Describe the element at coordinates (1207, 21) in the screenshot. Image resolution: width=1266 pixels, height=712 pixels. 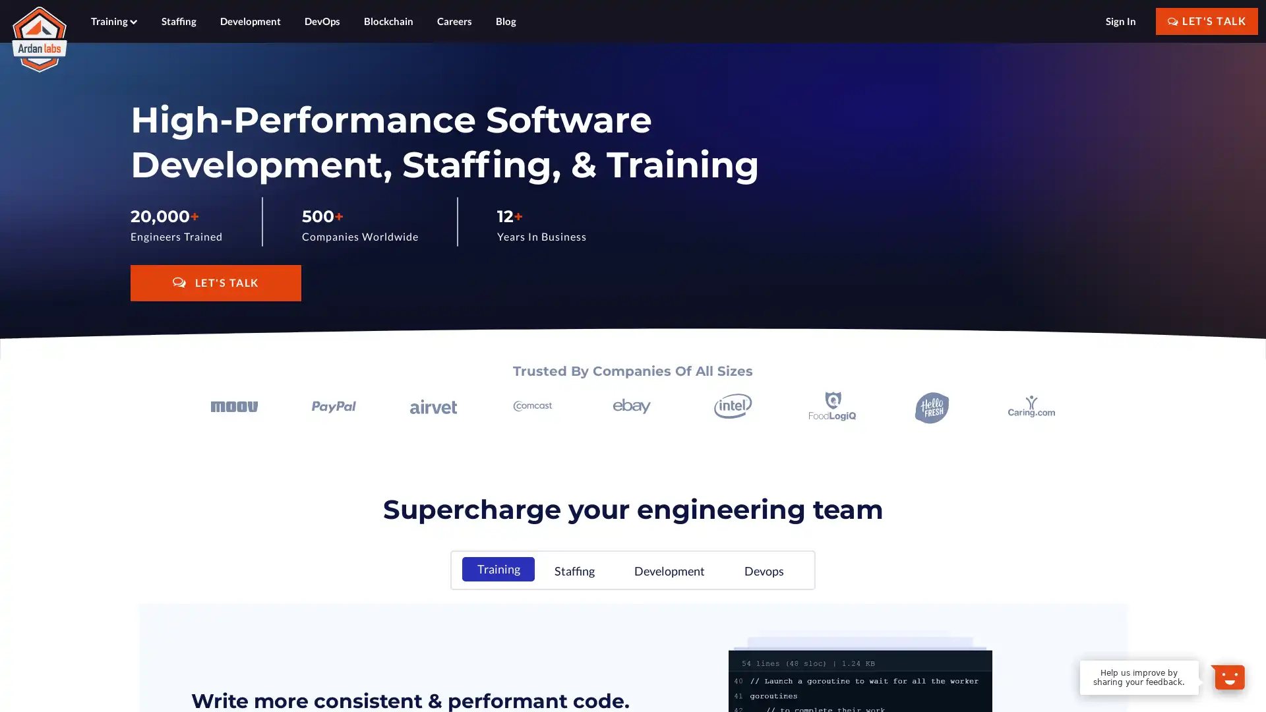
I see `LET'S TALK` at that location.